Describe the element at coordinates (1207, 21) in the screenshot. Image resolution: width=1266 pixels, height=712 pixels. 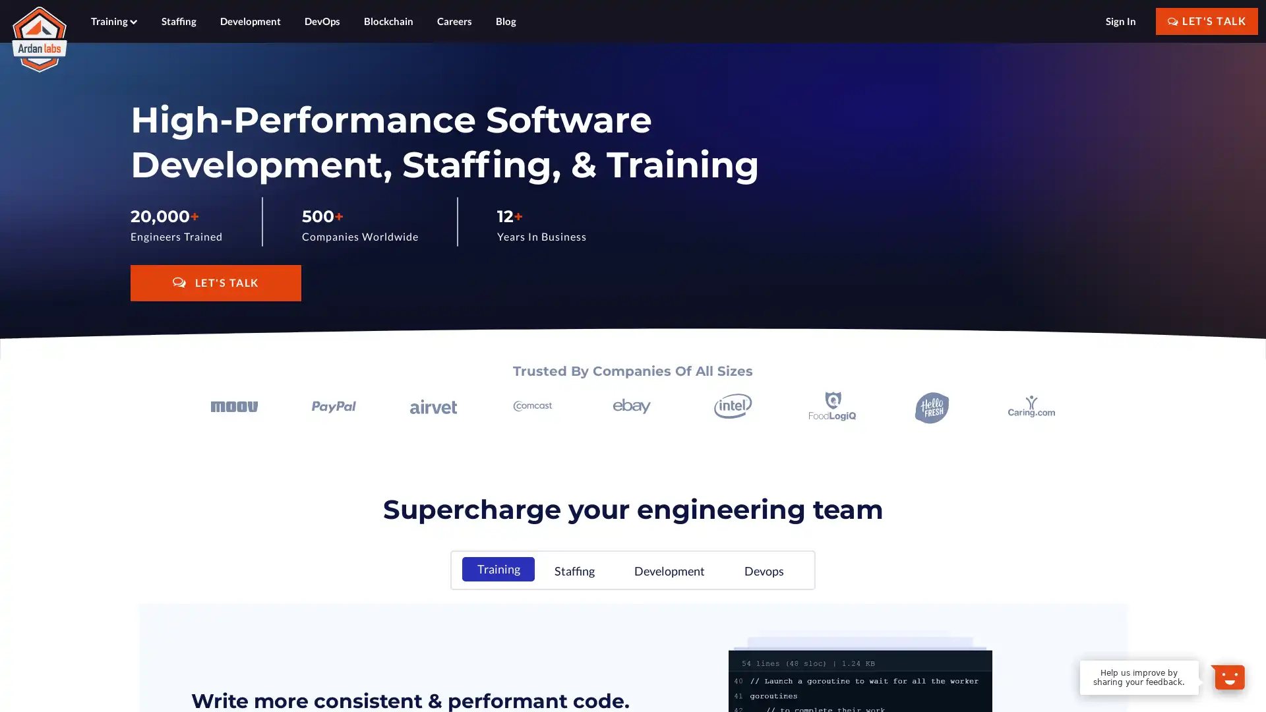
I see `LET'S TALK` at that location.